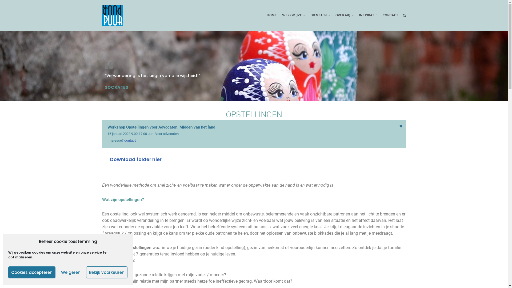 The image size is (512, 288). Describe the element at coordinates (271, 15) in the screenshot. I see `'HOME'` at that location.